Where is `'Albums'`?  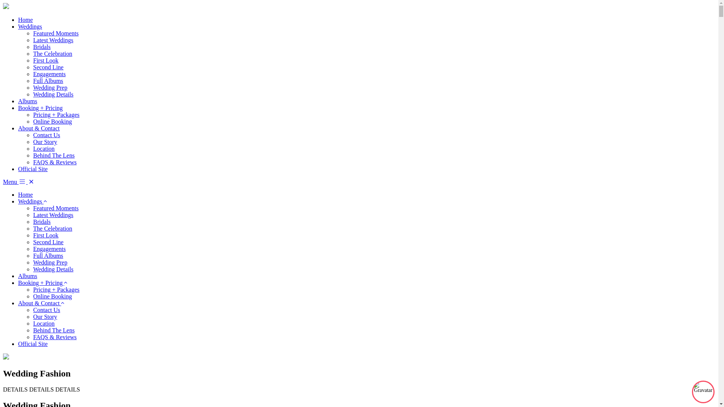 'Albums' is located at coordinates (28, 101).